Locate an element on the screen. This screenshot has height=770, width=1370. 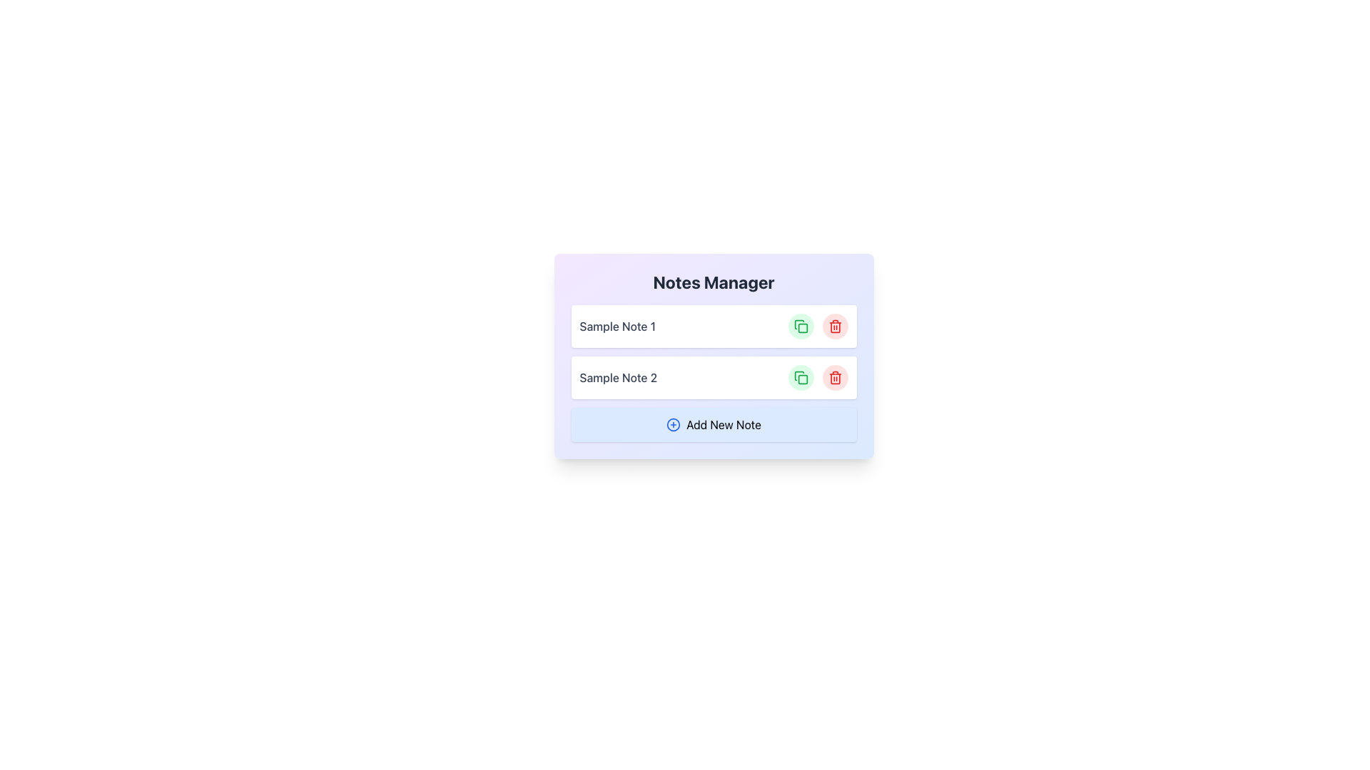
the trash bin button in the 'Notes Manager' interface located on the right side of 'Sample Note 1' is located at coordinates (835, 327).